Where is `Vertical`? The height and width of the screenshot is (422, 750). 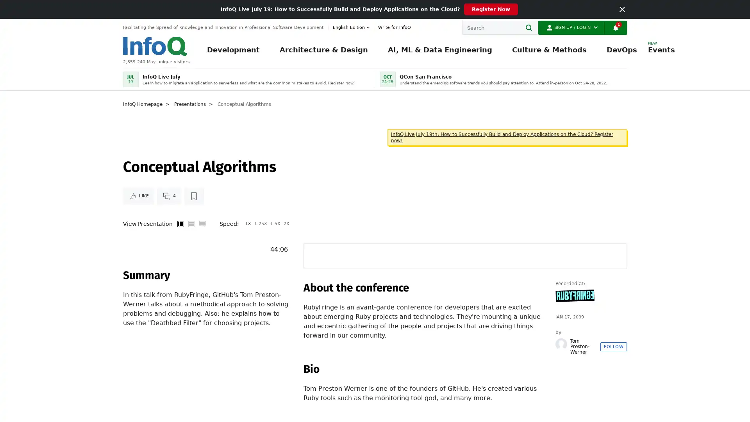 Vertical is located at coordinates (180, 224).